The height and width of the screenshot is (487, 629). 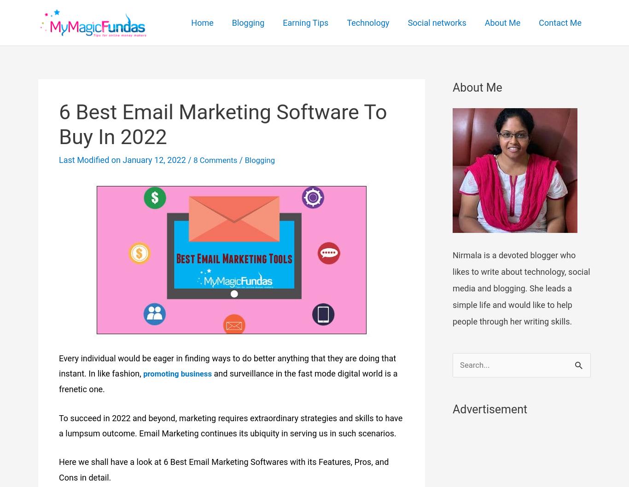 What do you see at coordinates (452, 410) in the screenshot?
I see `'Advertisement'` at bounding box center [452, 410].